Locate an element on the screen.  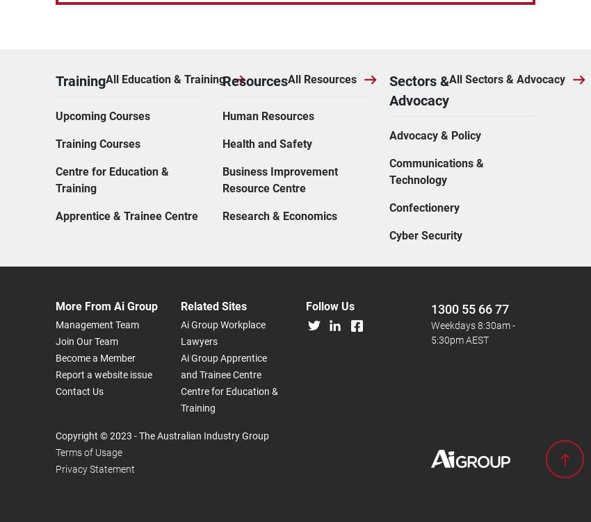
'Weekdays 8:30am - 5:30pm AEST' is located at coordinates (473, 177).